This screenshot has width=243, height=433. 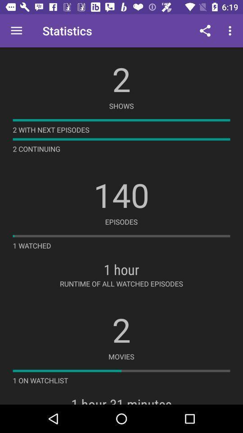 What do you see at coordinates (16, 31) in the screenshot?
I see `icon to the left of the statistics` at bounding box center [16, 31].